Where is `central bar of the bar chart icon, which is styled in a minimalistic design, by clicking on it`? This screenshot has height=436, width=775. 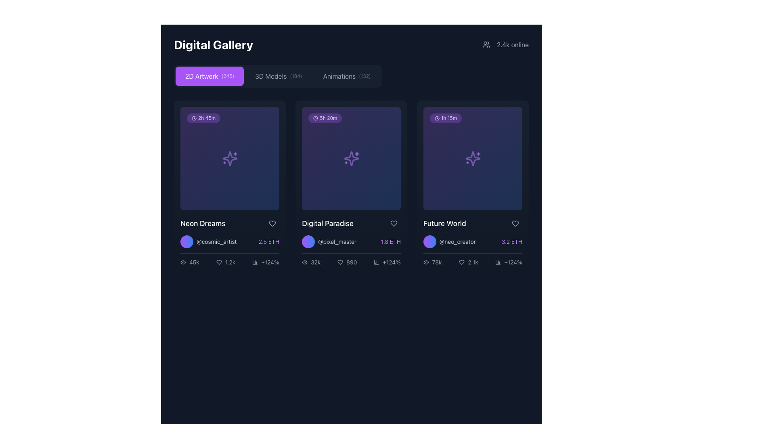 central bar of the bar chart icon, which is styled in a minimalistic design, by clicking on it is located at coordinates (376, 262).